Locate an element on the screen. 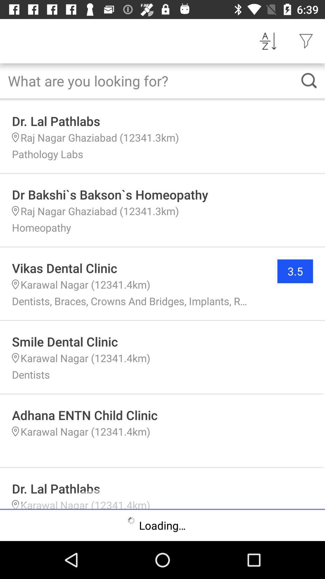 The height and width of the screenshot is (579, 325). the search icon is located at coordinates (309, 80).